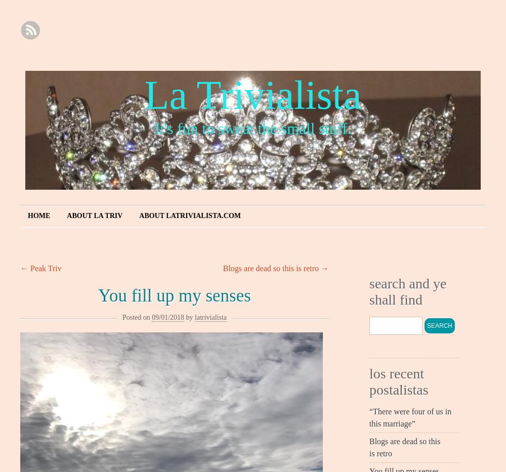 The image size is (506, 472). I want to click on '09/01/2018', so click(167, 316).